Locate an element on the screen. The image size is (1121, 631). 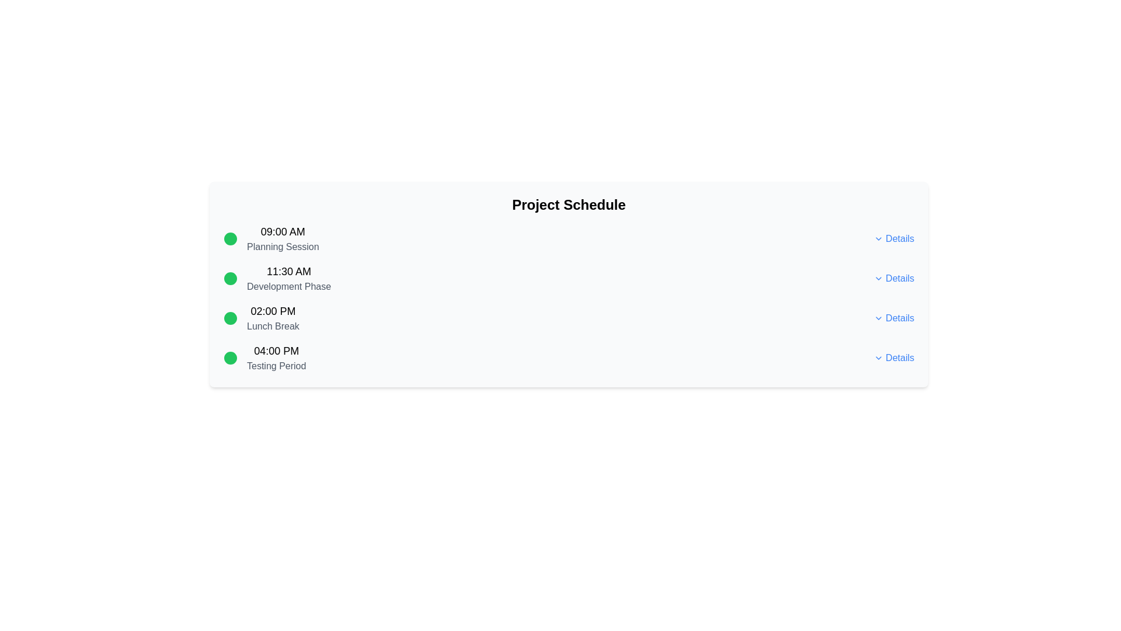
the time entry text displaying '02:00 PM' for the Lunch Break in the vertical schedule list is located at coordinates (272, 310).